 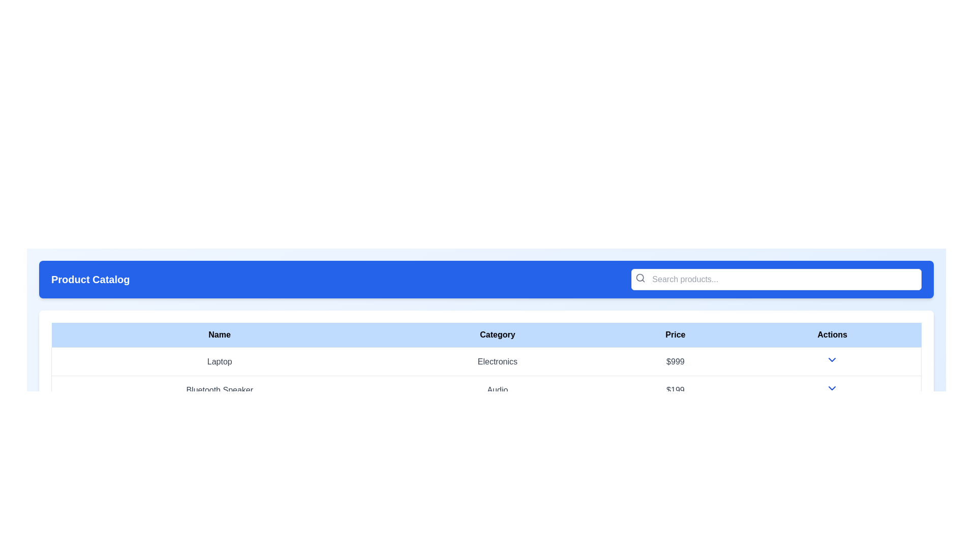 What do you see at coordinates (832, 361) in the screenshot?
I see `the compact blue downward-pointing arrow icon in the 'Actions' column of the row containing the product 'Laptop'` at bounding box center [832, 361].